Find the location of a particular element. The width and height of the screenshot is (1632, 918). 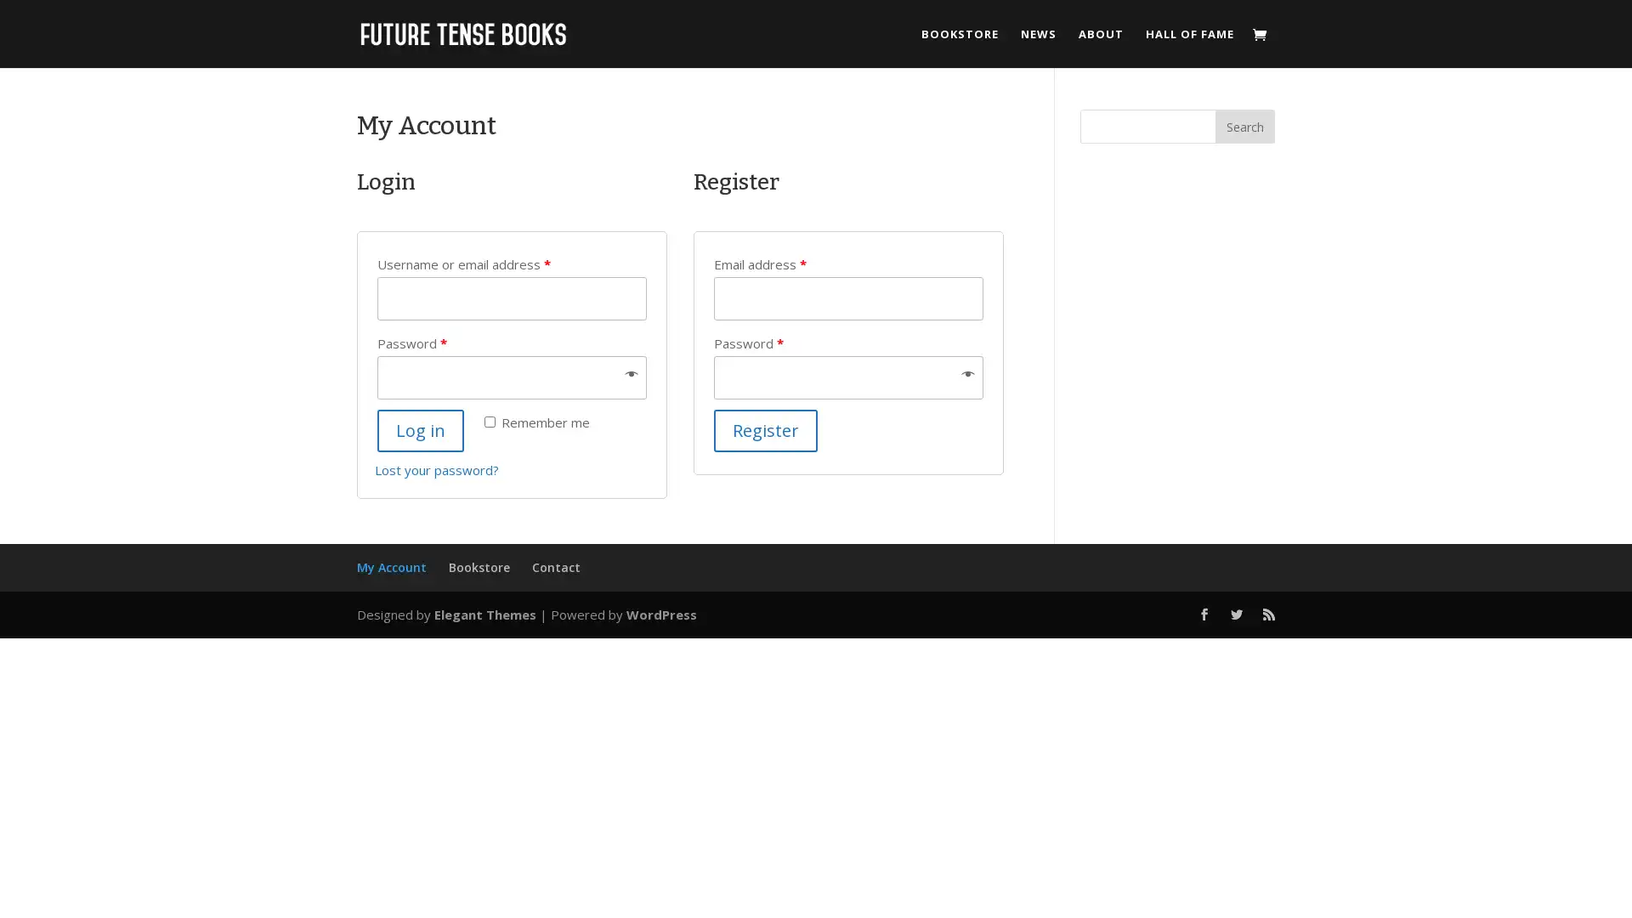

Search is located at coordinates (1244, 126).